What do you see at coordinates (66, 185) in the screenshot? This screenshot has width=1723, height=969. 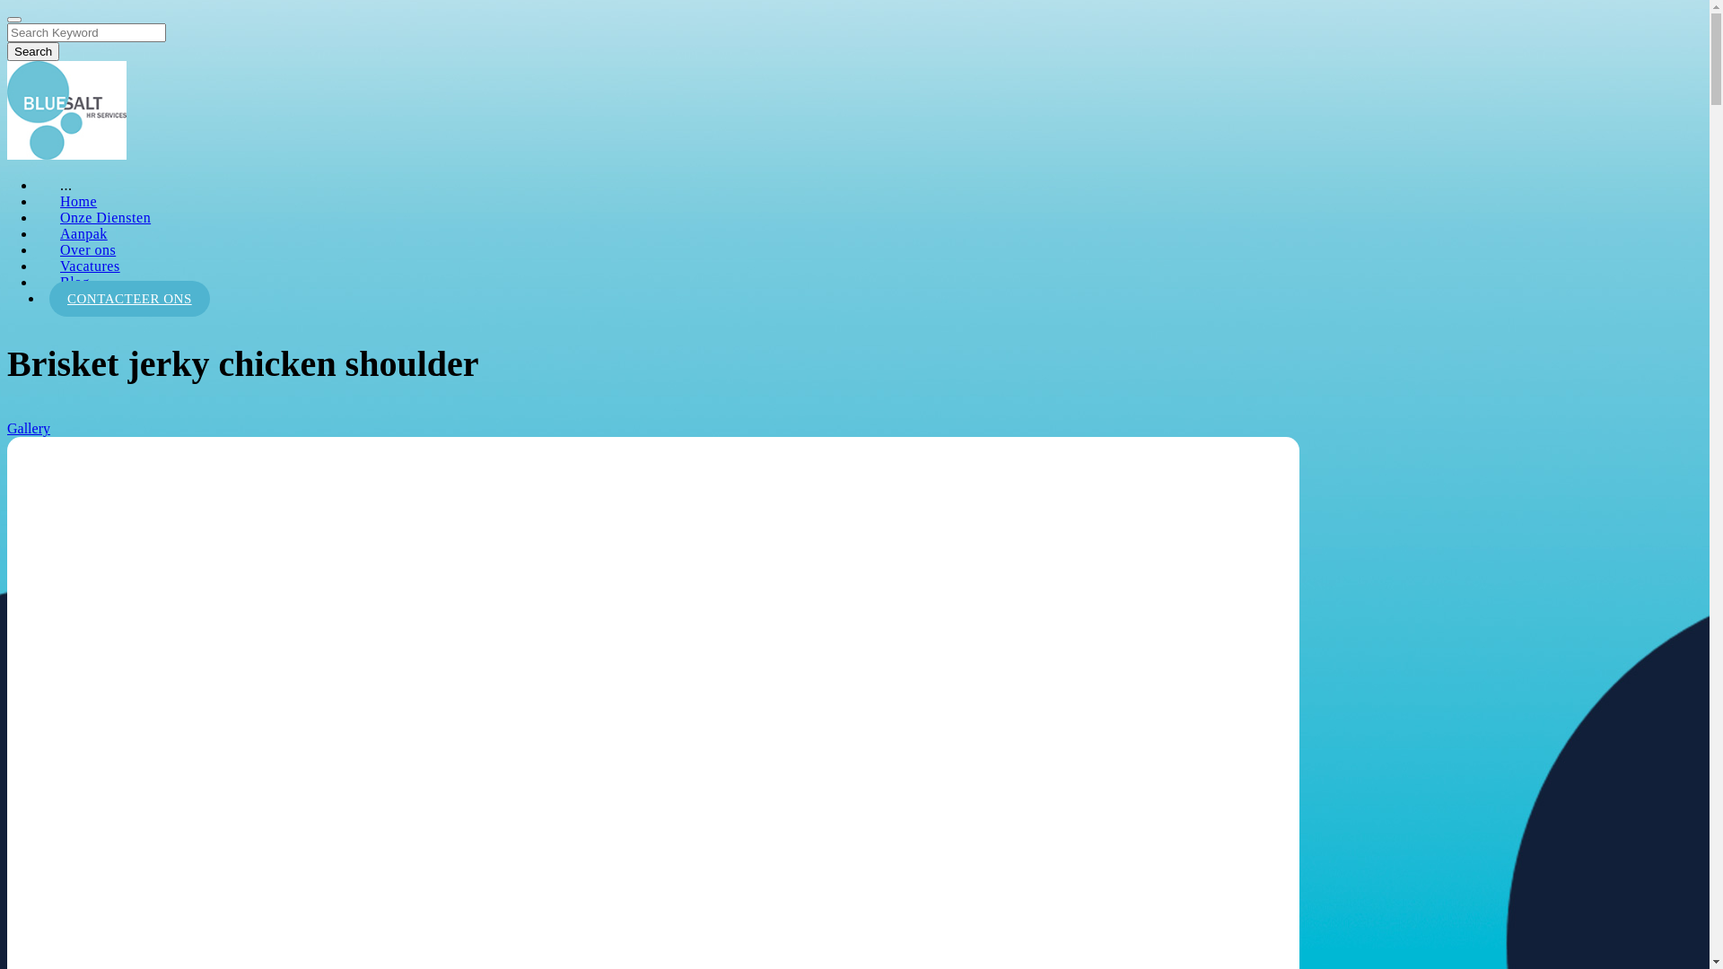 I see `'...'` at bounding box center [66, 185].